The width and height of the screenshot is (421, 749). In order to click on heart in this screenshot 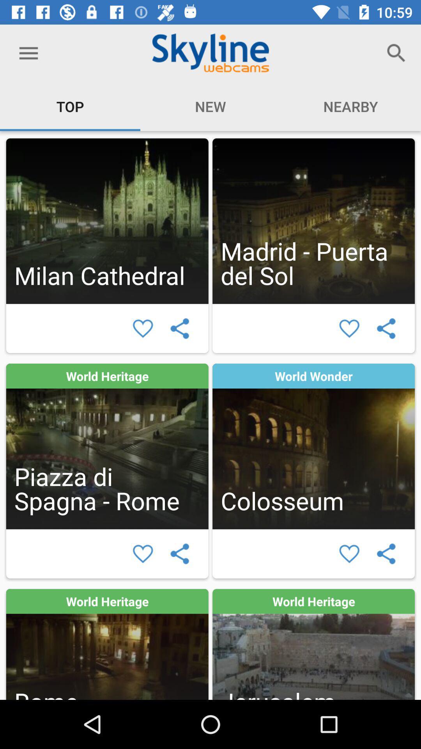, I will do `click(349, 553)`.